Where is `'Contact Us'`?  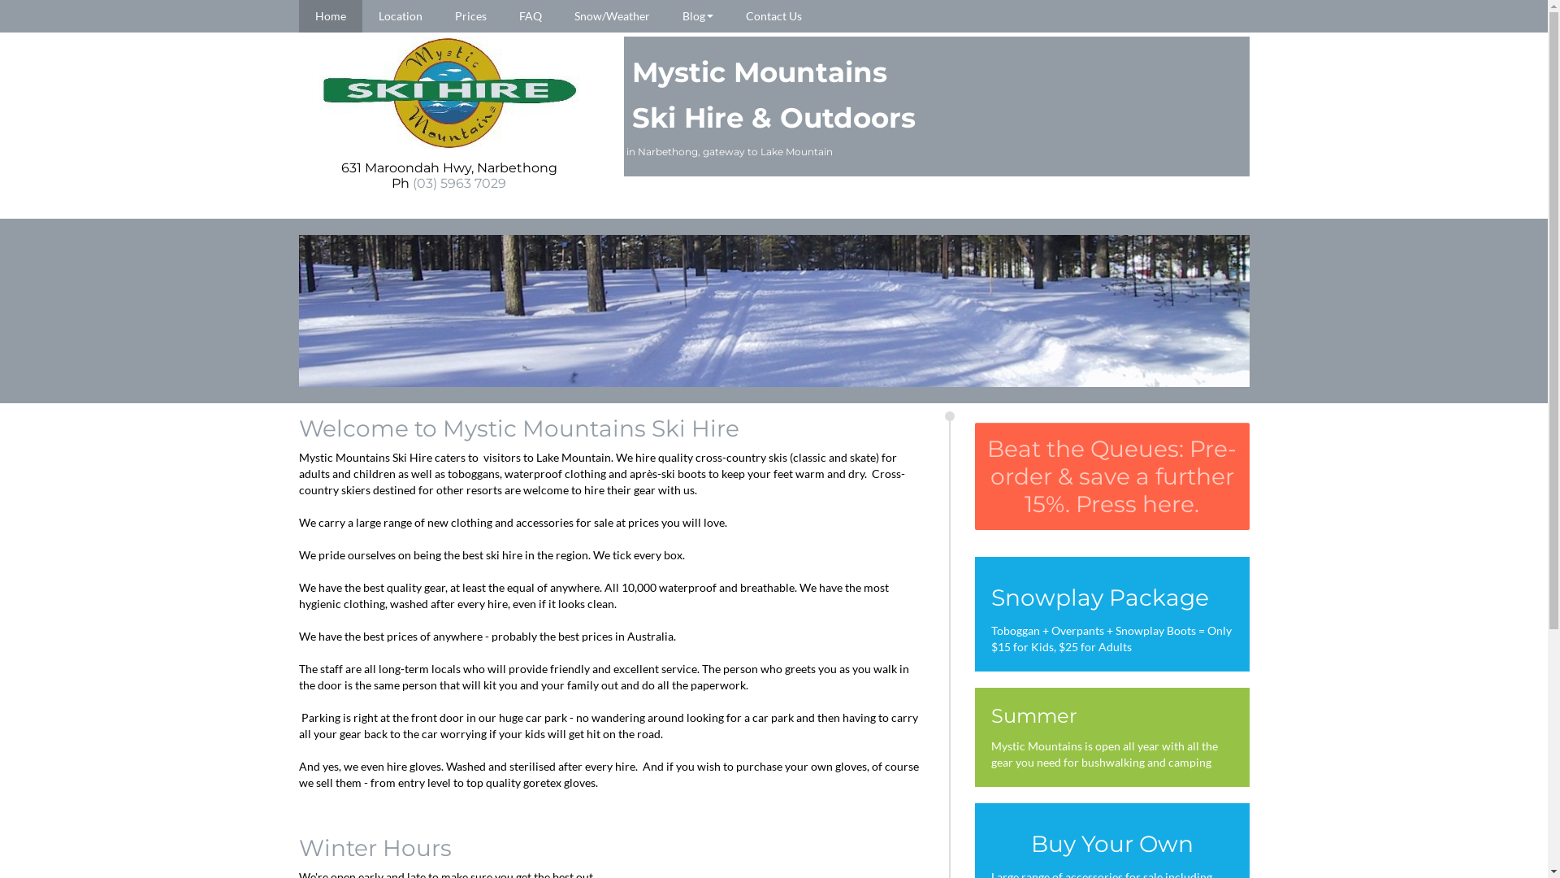
'Contact Us' is located at coordinates (773, 15).